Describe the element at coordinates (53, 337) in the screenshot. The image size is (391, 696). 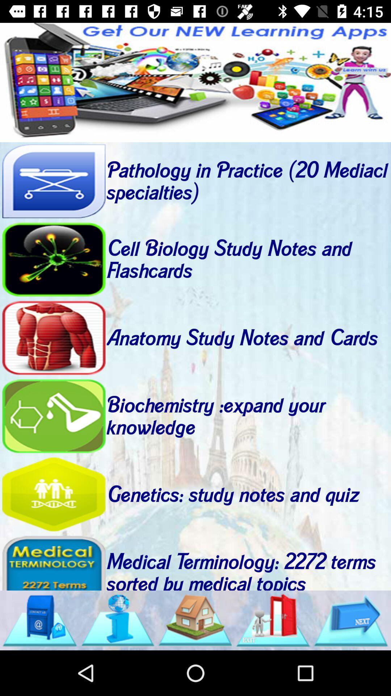
I see `anatomy study notes and cards` at that location.